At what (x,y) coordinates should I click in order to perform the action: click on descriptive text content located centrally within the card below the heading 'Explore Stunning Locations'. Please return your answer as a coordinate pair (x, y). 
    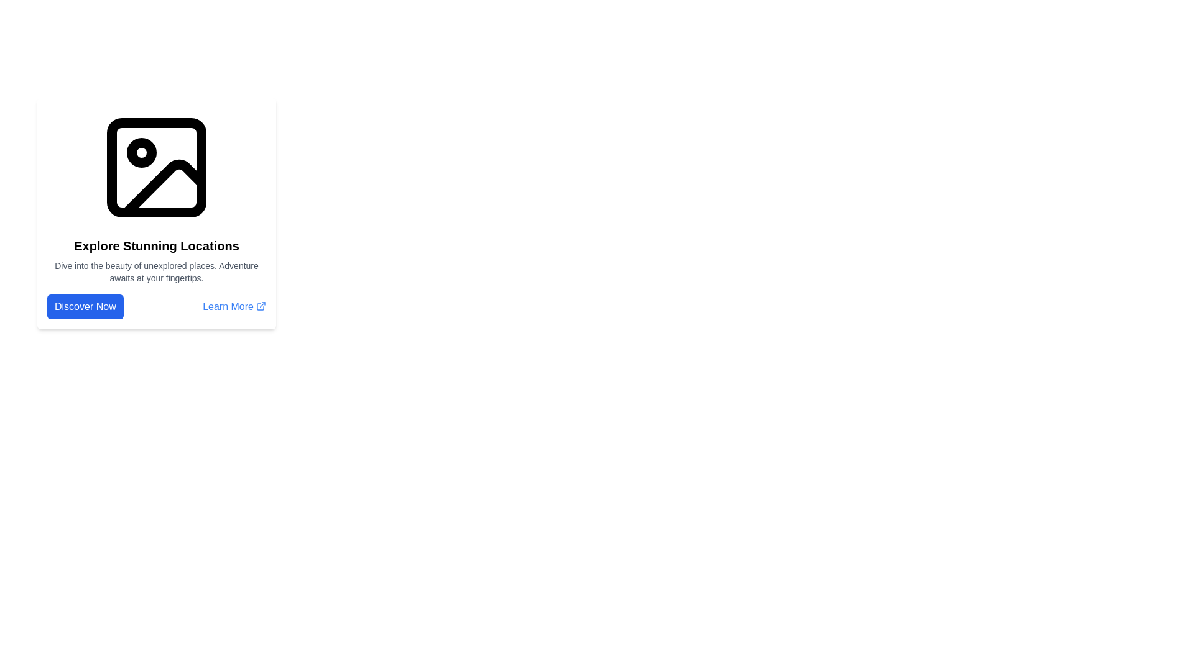
    Looking at the image, I should click on (156, 272).